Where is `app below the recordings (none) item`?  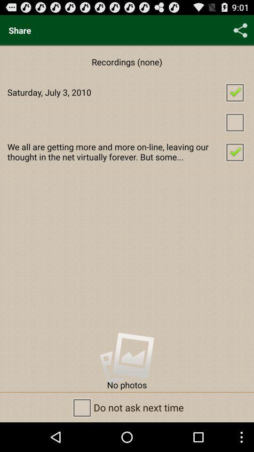
app below the recordings (none) item is located at coordinates (127, 92).